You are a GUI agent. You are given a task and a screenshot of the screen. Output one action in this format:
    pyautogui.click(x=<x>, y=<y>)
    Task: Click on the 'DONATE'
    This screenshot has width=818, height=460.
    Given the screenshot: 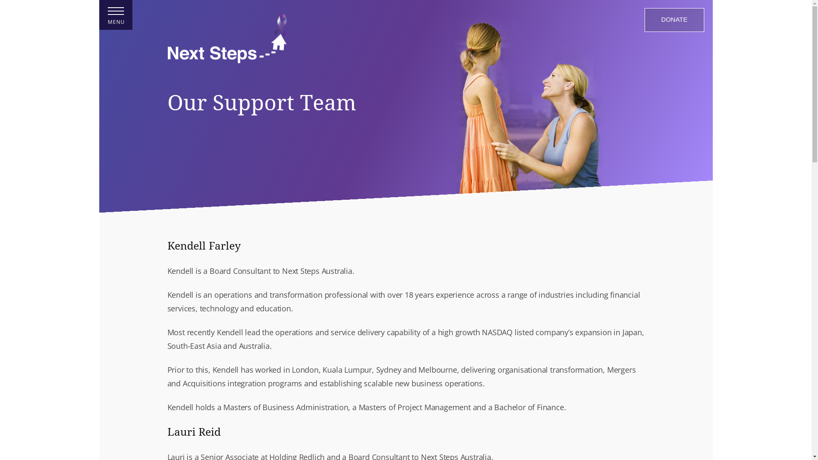 What is the action you would take?
    pyautogui.click(x=674, y=19)
    